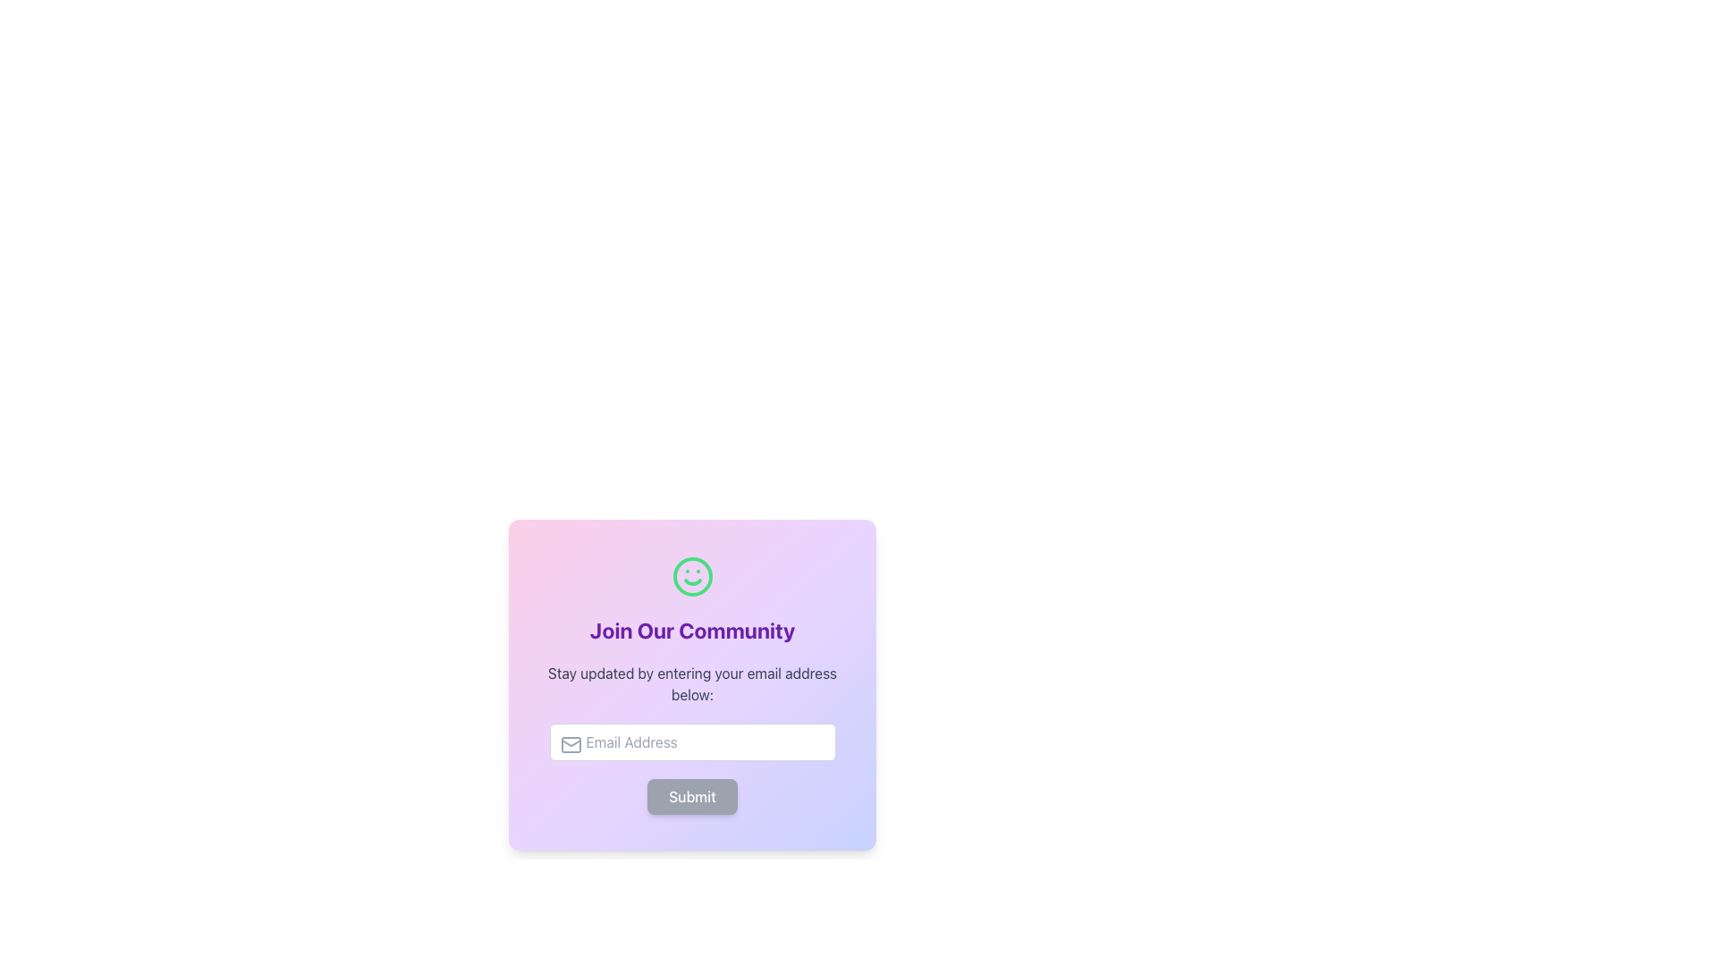  Describe the element at coordinates (691, 683) in the screenshot. I see `static text element displaying the message 'Stay updated by entering your email address below:' which is centrally aligned and positioned between the heading 'Join Our Community' and the email input field` at that location.